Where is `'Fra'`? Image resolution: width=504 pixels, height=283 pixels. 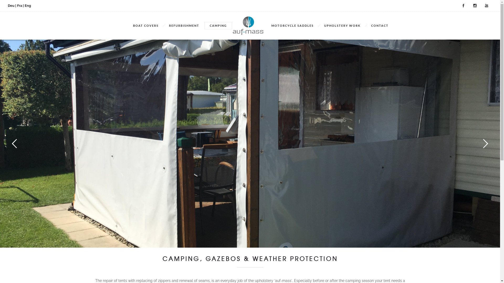 'Fra' is located at coordinates (19, 6).